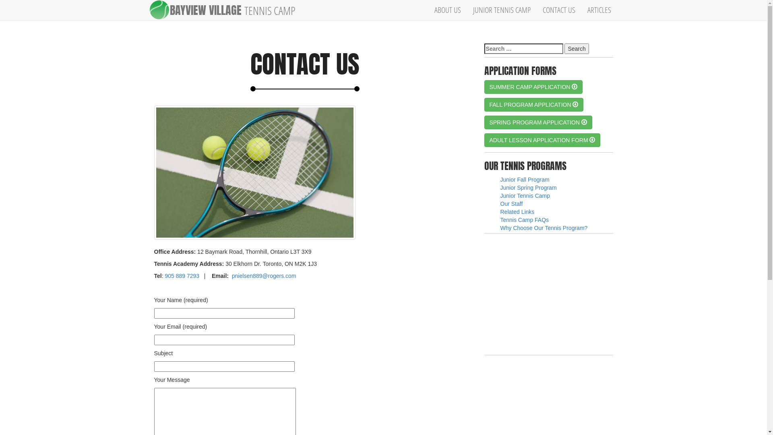  I want to click on 'Junior Tennis Camp', so click(525, 196).